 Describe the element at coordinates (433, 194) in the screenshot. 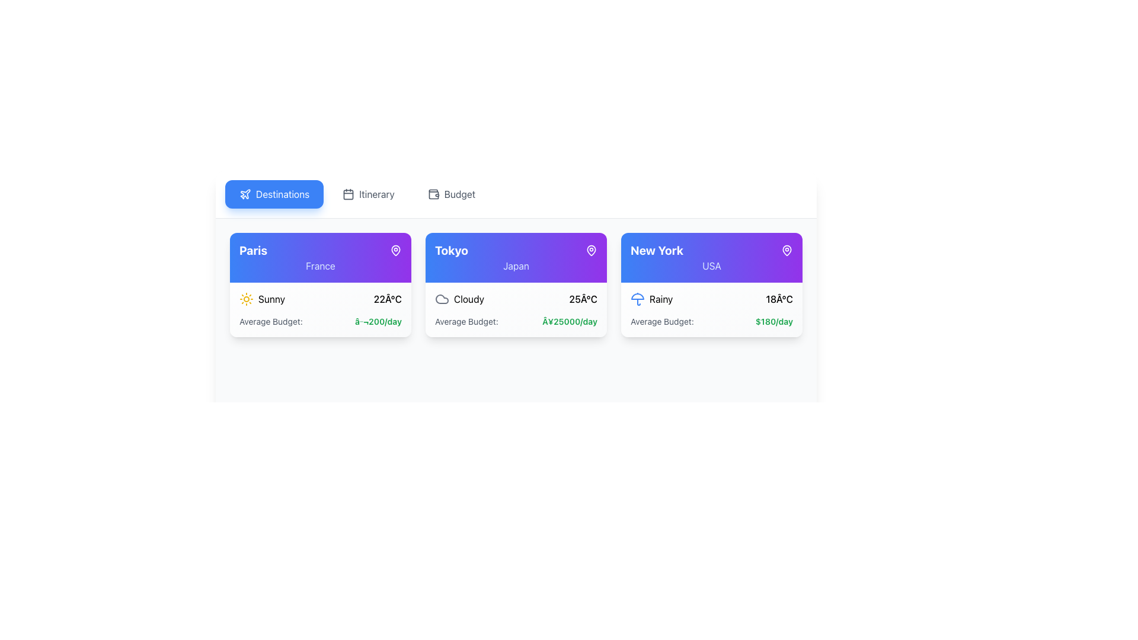

I see `the wallet icon located in the header section of the layout` at that location.